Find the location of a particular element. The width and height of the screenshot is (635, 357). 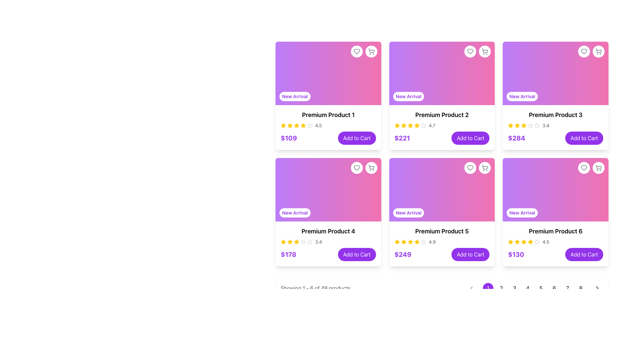

the circular button with a white background and the number '3' in black text, located near the bottom center of the interface is located at coordinates (514, 288).